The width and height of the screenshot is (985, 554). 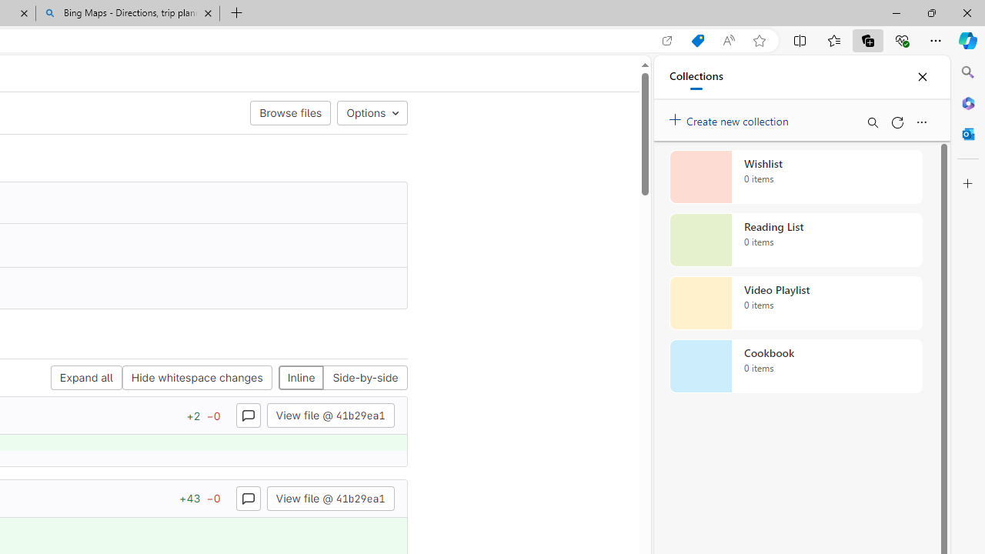 I want to click on 'Side-by-side', so click(x=364, y=378).